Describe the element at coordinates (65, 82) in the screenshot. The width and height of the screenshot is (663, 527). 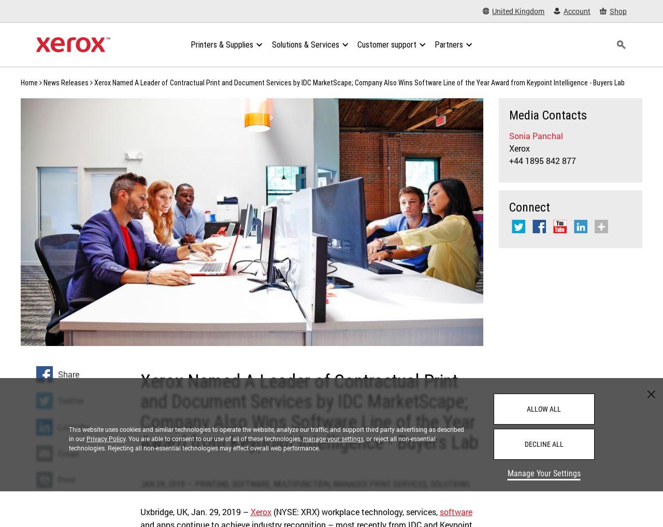
I see `'News Releases'` at that location.